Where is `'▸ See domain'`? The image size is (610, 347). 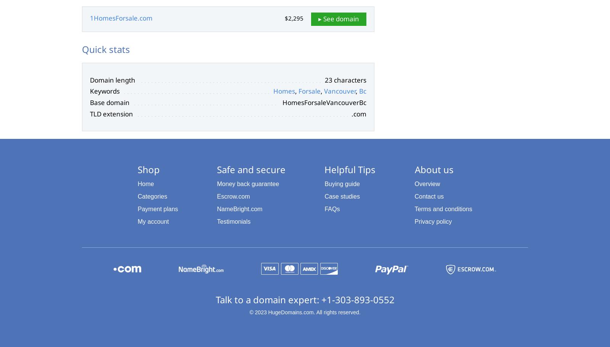
'▸ See domain' is located at coordinates (338, 18).